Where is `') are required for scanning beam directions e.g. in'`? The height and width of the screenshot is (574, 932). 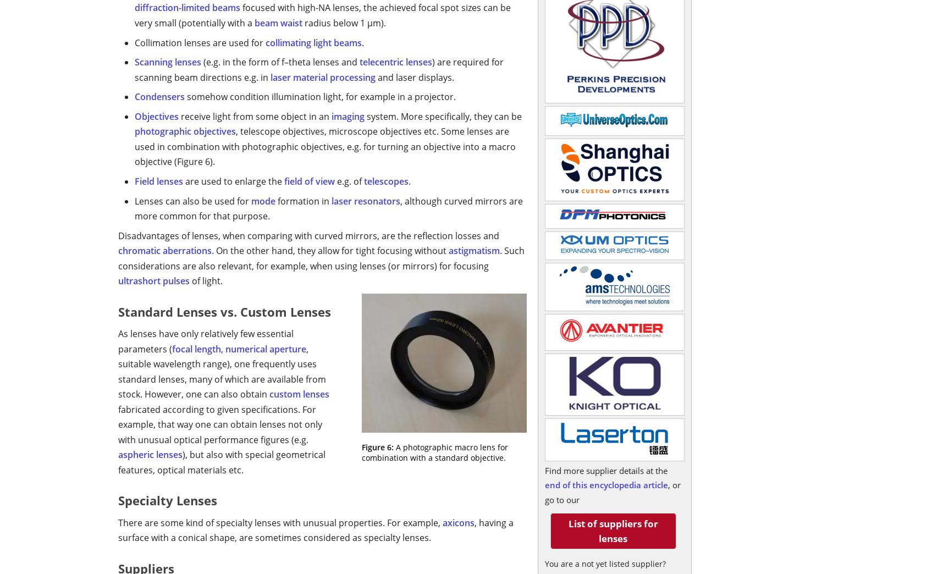
') are required for scanning beam directions e.g. in' is located at coordinates (319, 69).